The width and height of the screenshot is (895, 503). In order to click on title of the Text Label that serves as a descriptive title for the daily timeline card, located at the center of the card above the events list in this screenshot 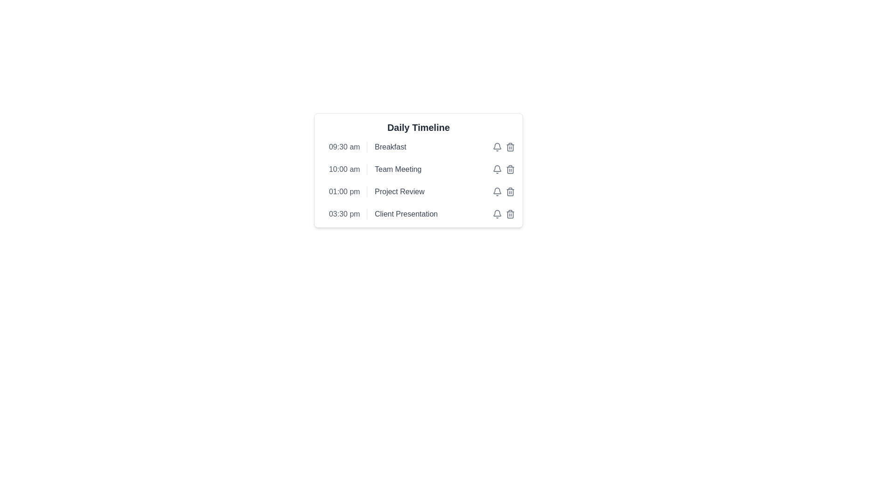, I will do `click(418, 127)`.